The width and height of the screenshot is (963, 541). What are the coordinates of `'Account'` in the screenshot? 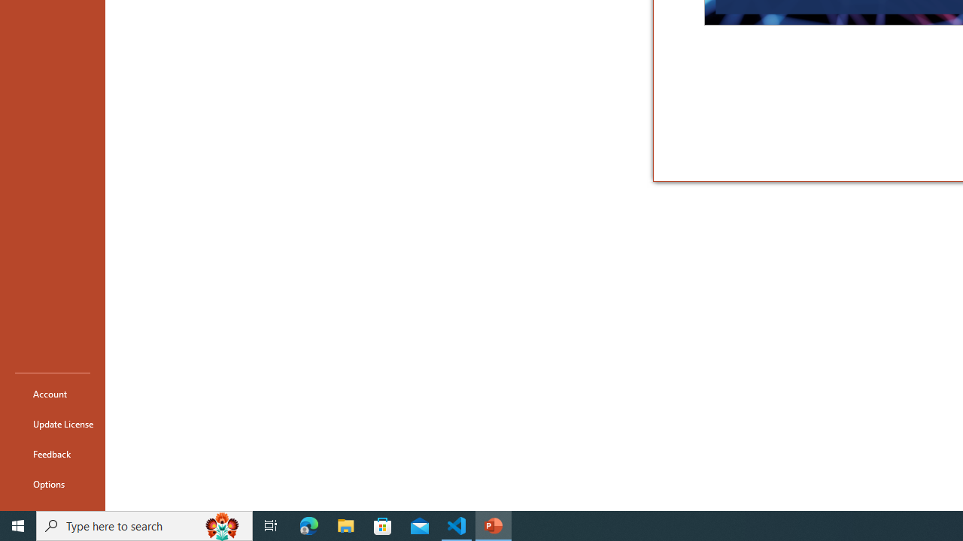 It's located at (52, 393).